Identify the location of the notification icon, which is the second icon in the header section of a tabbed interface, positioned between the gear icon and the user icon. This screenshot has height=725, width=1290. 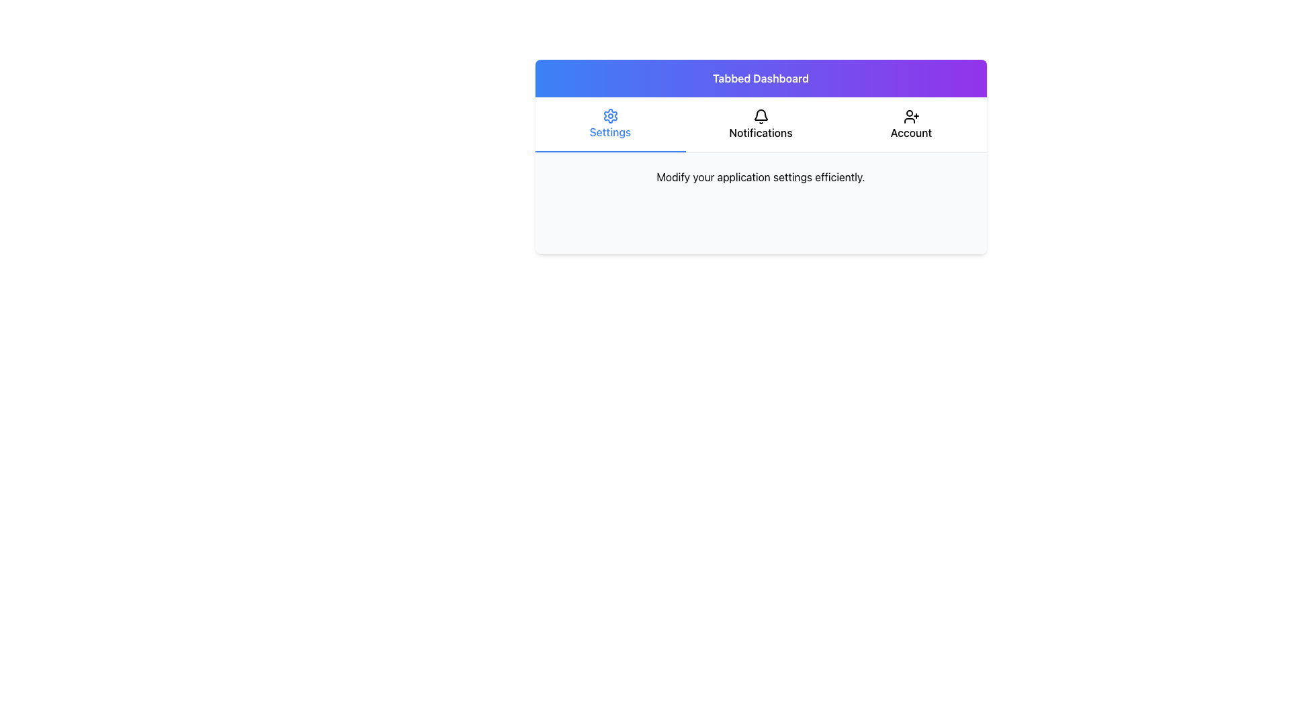
(761, 114).